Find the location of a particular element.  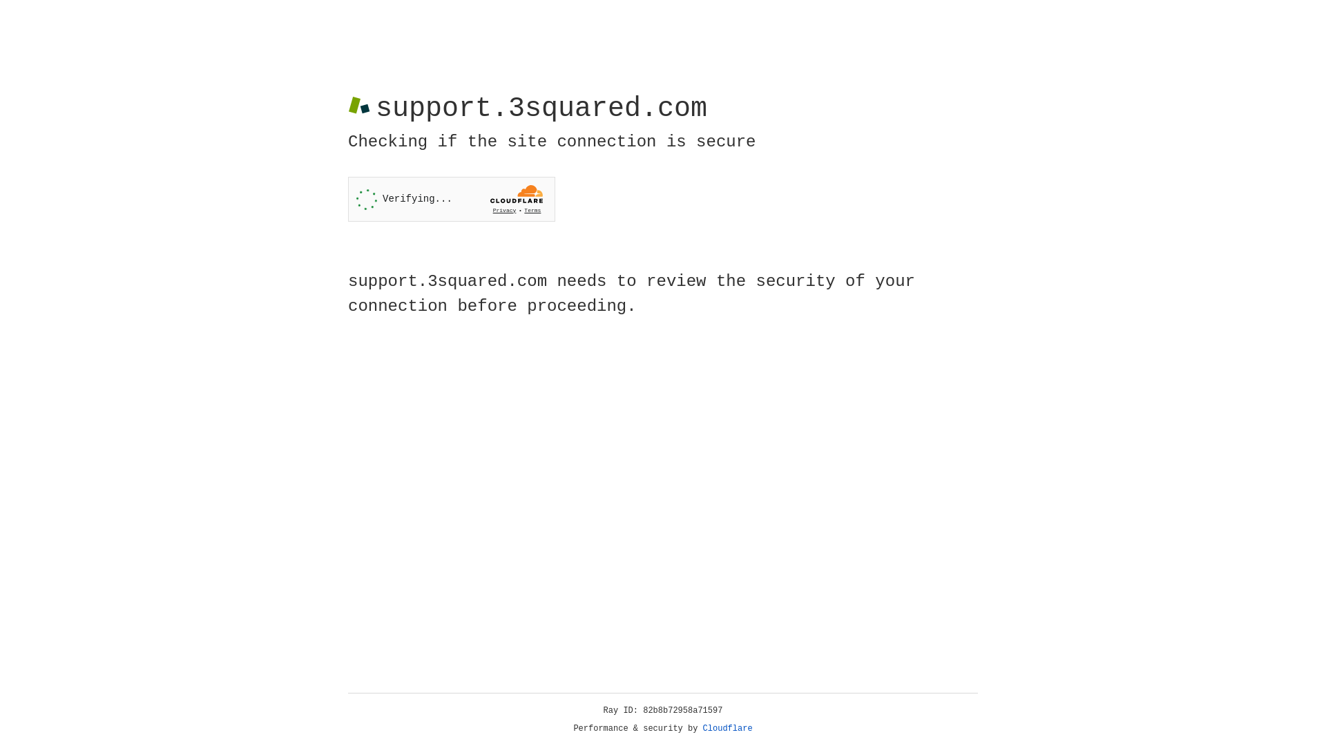

'Cloudflare' is located at coordinates (727, 728).